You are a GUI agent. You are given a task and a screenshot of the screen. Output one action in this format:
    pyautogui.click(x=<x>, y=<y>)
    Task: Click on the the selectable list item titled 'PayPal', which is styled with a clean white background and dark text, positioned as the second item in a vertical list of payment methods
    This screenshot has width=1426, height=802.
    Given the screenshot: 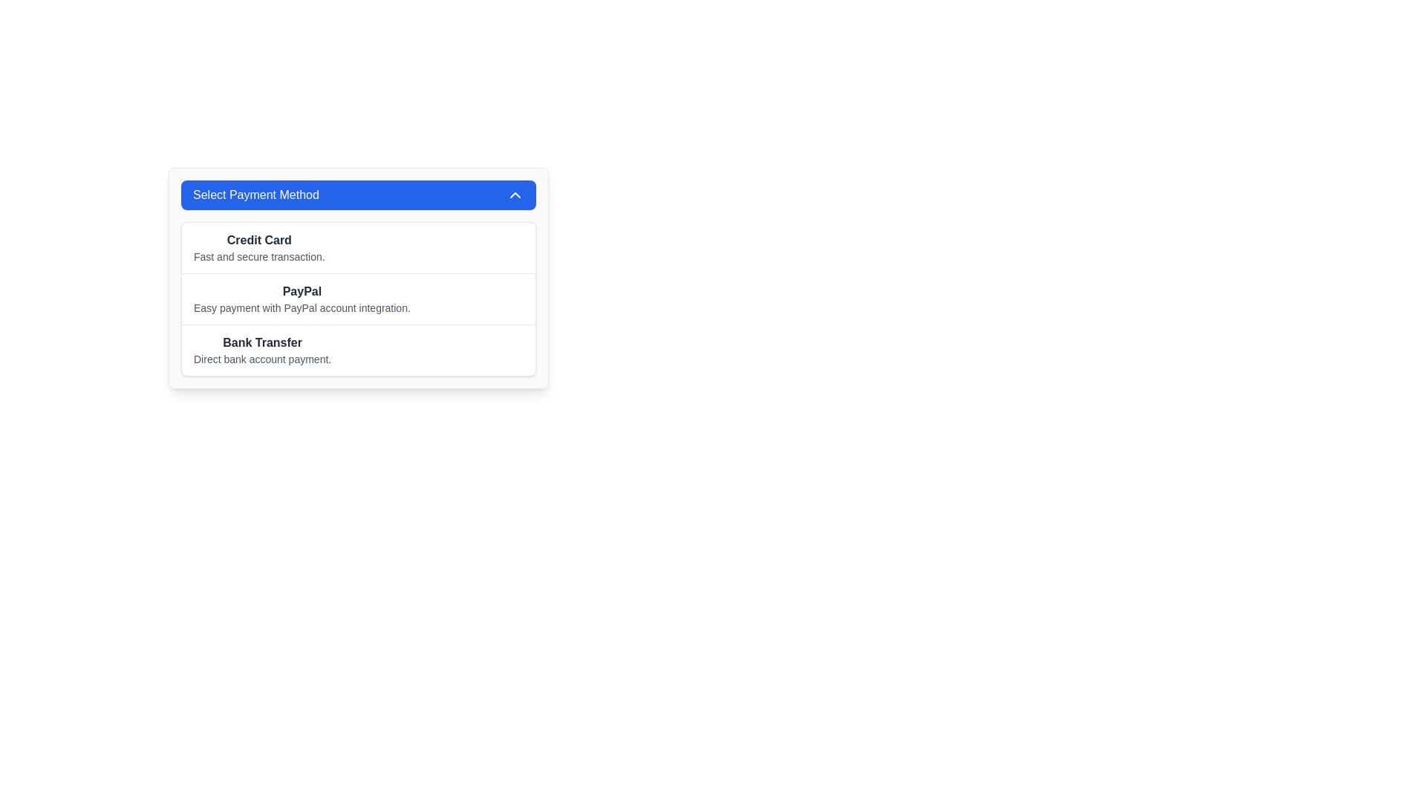 What is the action you would take?
    pyautogui.click(x=359, y=298)
    